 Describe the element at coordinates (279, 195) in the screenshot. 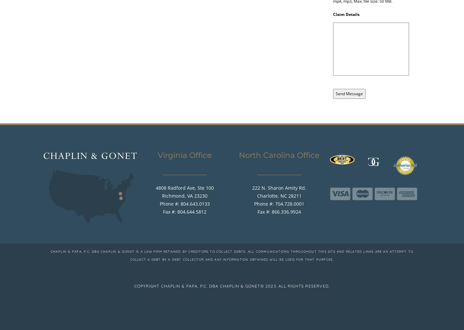

I see `'Charlotte, NC 28211'` at that location.